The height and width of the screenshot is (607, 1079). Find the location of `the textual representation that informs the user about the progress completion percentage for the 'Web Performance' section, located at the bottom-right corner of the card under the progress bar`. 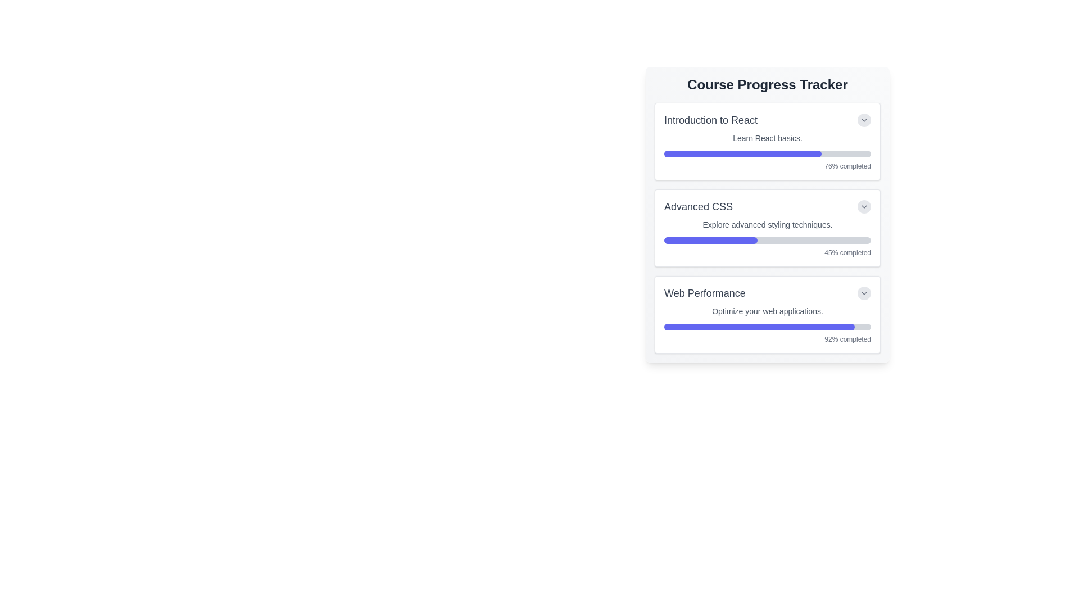

the textual representation that informs the user about the progress completion percentage for the 'Web Performance' section, located at the bottom-right corner of the card under the progress bar is located at coordinates (767, 339).